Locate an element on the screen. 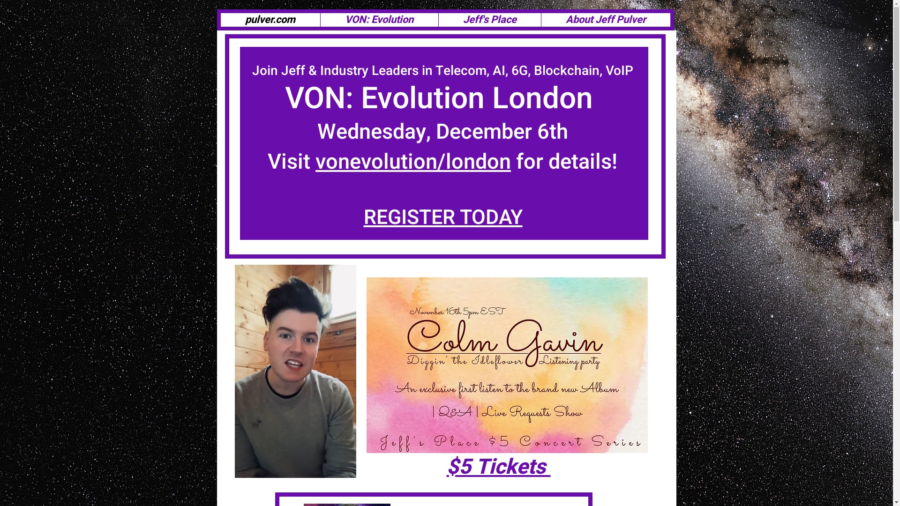  '$5 Tickets ' is located at coordinates (497, 467).